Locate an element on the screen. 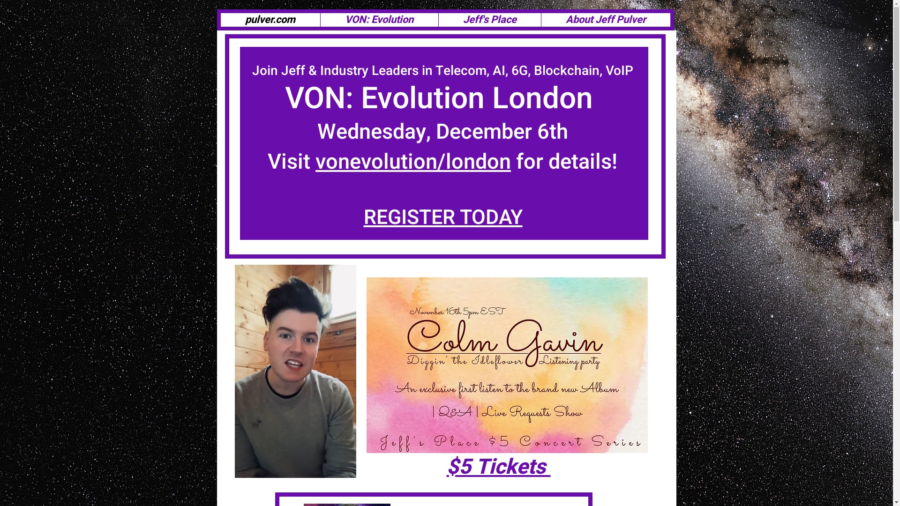  '$5 Tickets ' is located at coordinates (497, 467).